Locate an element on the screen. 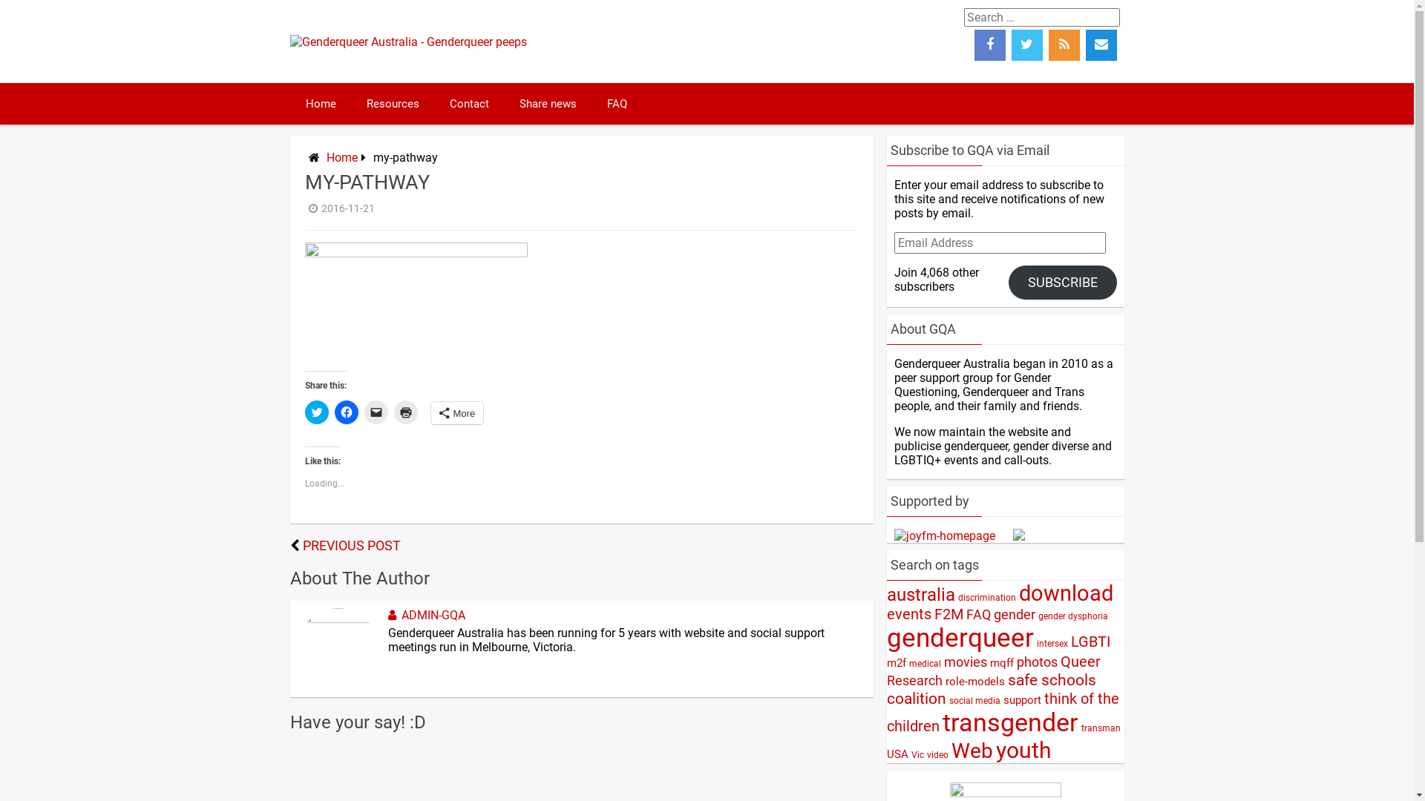  'genderqueer' is located at coordinates (886, 637).